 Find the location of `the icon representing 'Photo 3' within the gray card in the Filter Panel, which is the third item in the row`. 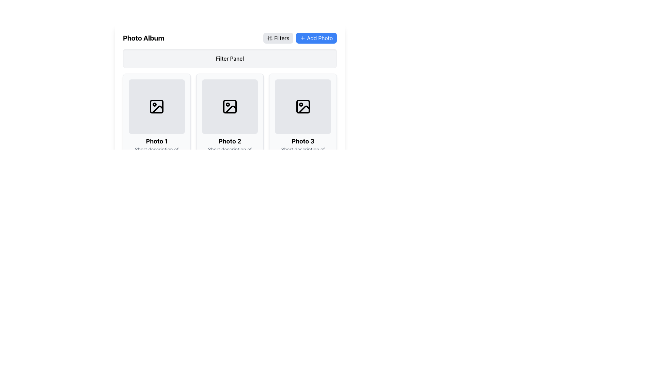

the icon representing 'Photo 3' within the gray card in the Filter Panel, which is the third item in the row is located at coordinates (302, 106).